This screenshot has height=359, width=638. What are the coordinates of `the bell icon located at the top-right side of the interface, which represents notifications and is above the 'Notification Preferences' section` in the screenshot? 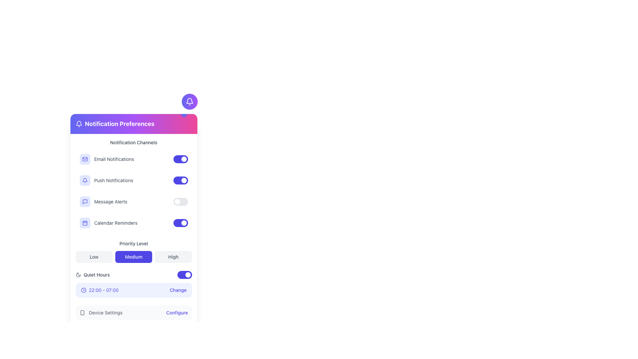 It's located at (84, 180).